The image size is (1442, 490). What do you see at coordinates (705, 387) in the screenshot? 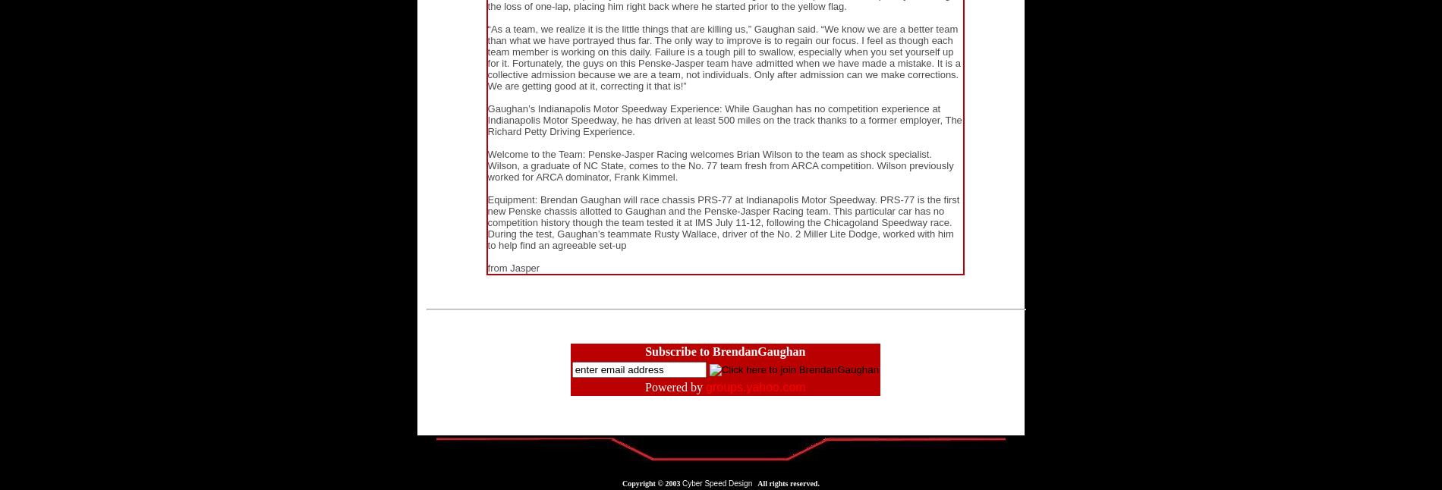
I see `'groups.yahoo.com'` at bounding box center [705, 387].